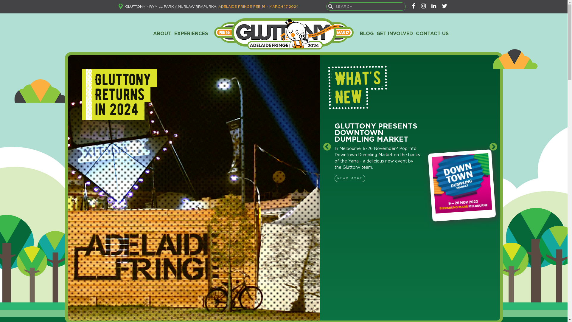  Describe the element at coordinates (432, 33) in the screenshot. I see `'CONTACT US'` at that location.